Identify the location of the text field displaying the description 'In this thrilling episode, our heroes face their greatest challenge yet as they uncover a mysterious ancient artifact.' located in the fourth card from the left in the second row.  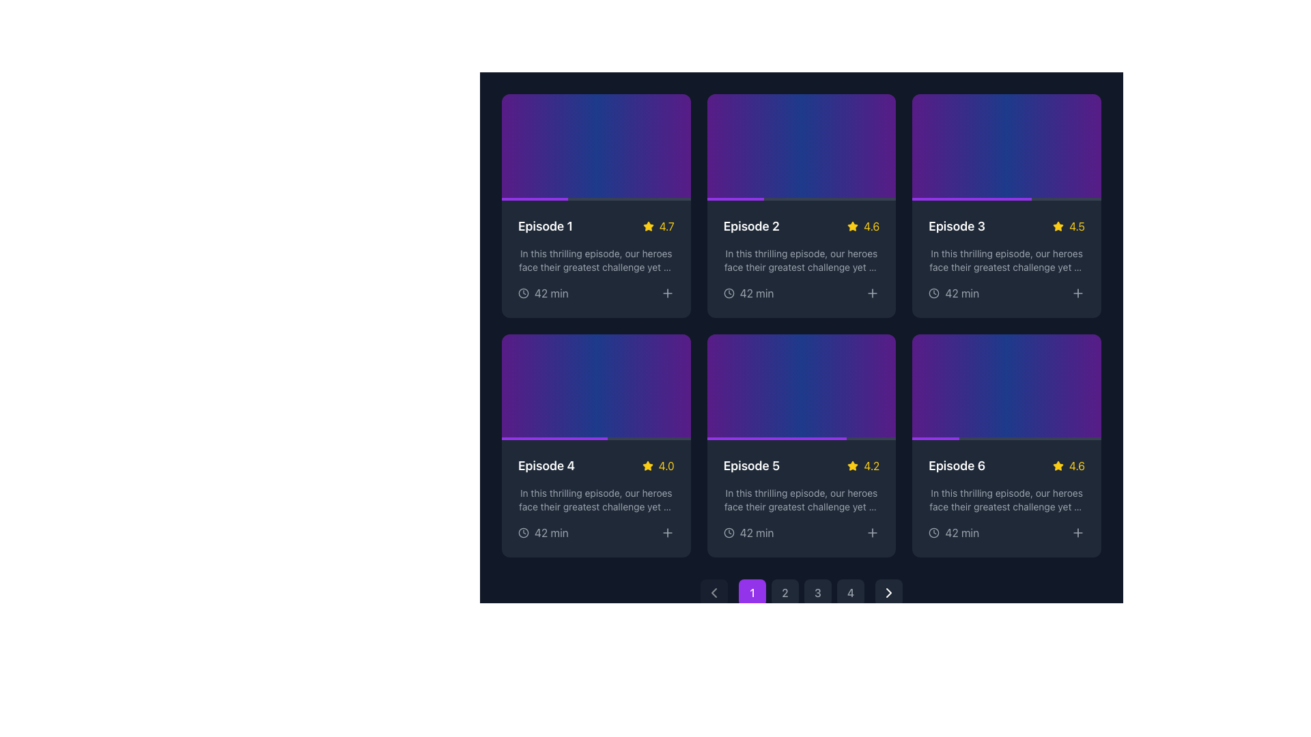
(596, 500).